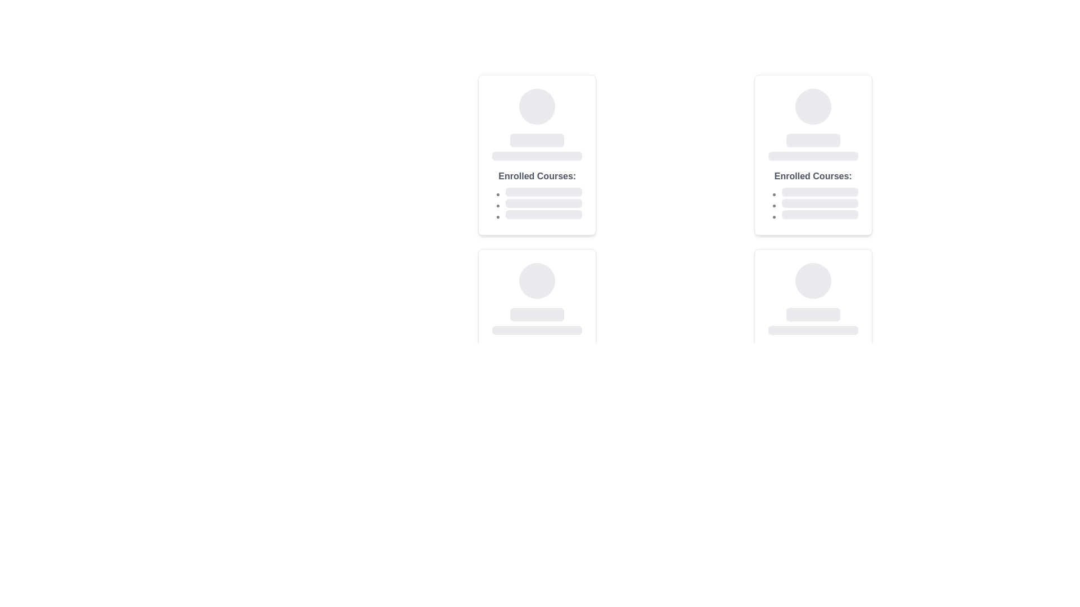 The width and height of the screenshot is (1080, 607). What do you see at coordinates (537, 329) in the screenshot?
I see `the Placeholder UI element located` at bounding box center [537, 329].